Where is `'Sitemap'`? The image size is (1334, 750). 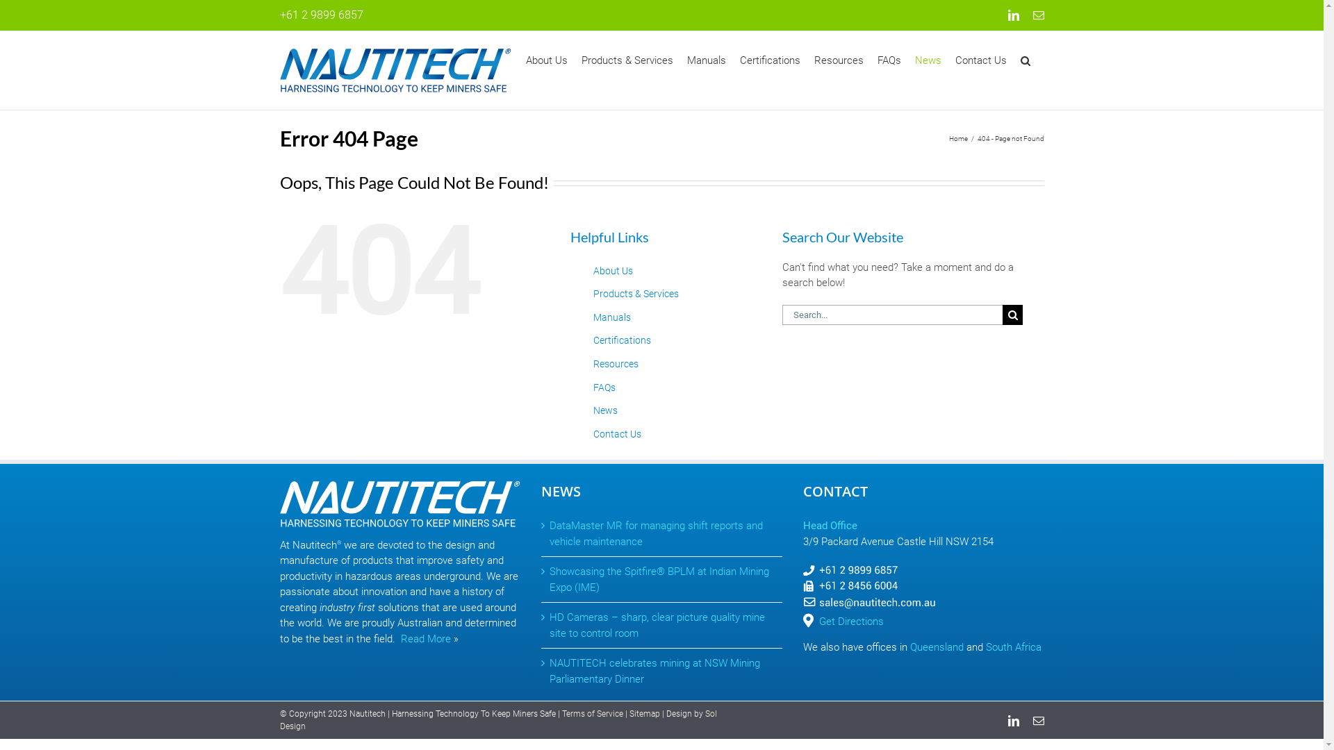 'Sitemap' is located at coordinates (643, 714).